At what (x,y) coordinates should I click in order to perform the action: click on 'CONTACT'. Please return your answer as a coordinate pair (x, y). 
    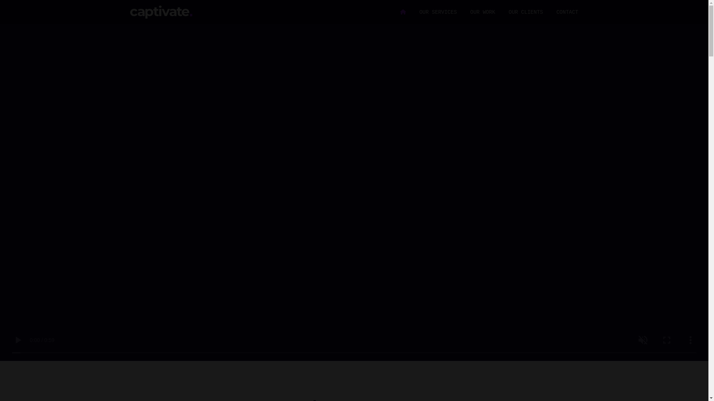
    Looking at the image, I should click on (567, 12).